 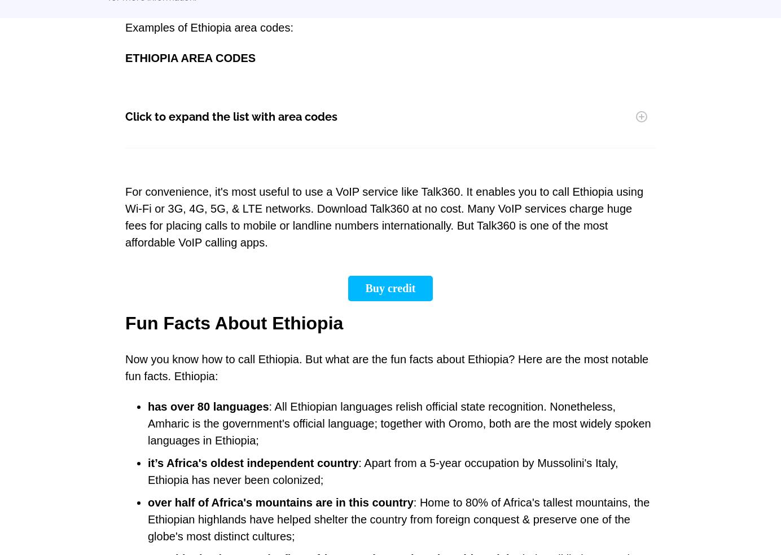 What do you see at coordinates (190, 58) in the screenshot?
I see `'ETHIOPIA AREA CODES'` at bounding box center [190, 58].